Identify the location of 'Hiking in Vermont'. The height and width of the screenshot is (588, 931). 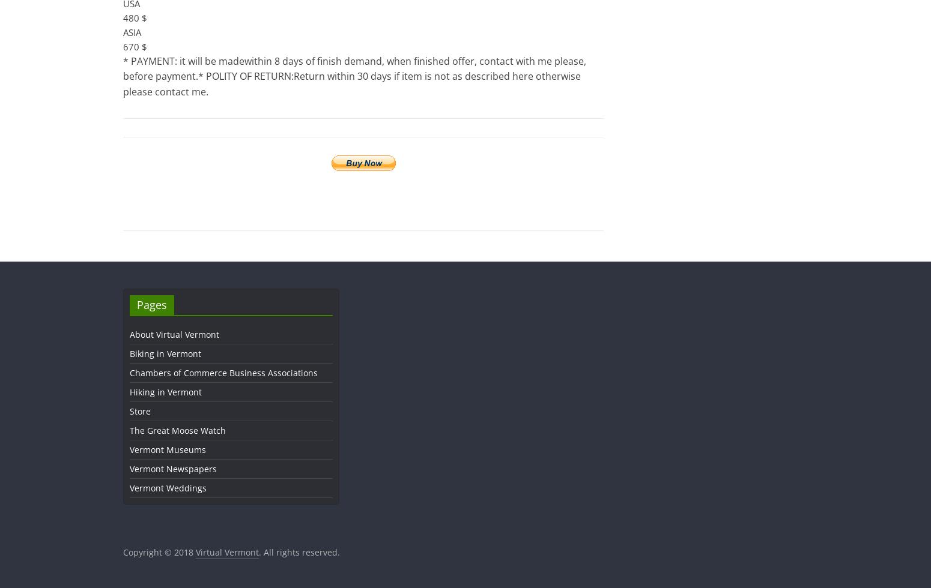
(166, 392).